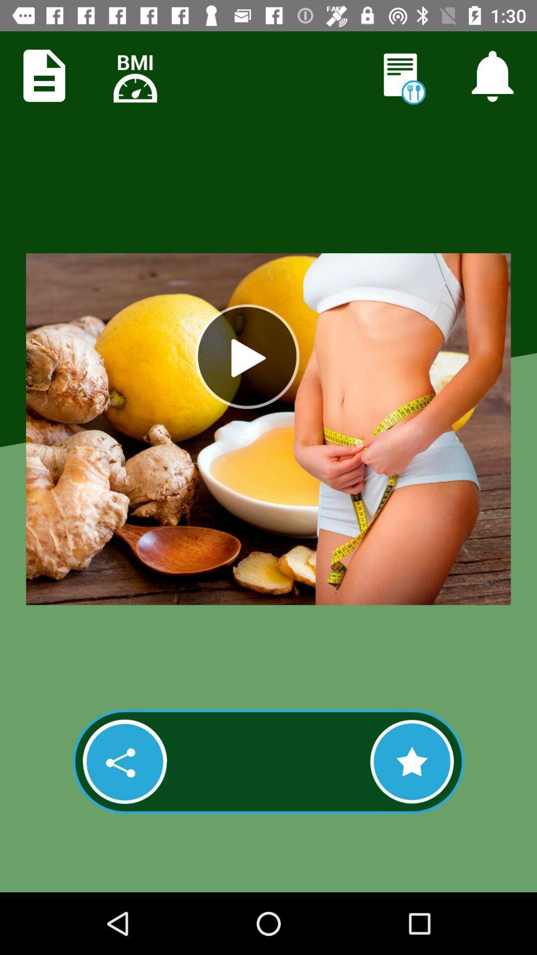  What do you see at coordinates (492, 75) in the screenshot?
I see `the notifications icon` at bounding box center [492, 75].